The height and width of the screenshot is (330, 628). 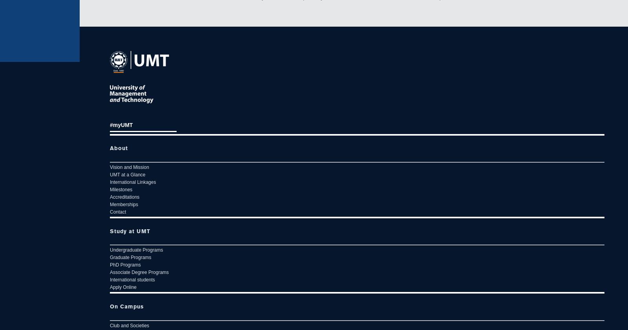 What do you see at coordinates (124, 196) in the screenshot?
I see `'Accreditations'` at bounding box center [124, 196].